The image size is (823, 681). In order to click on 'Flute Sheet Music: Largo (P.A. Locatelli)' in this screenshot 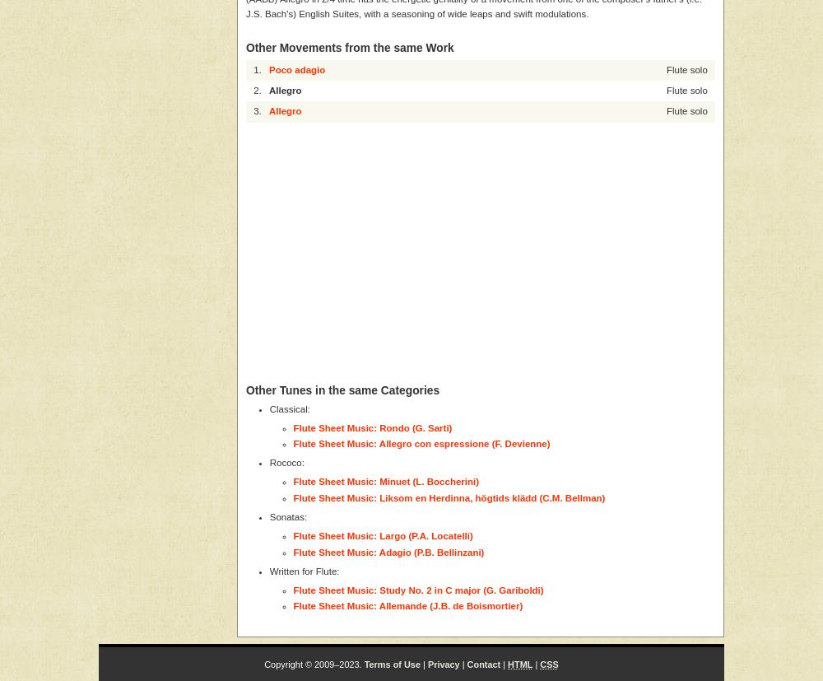, I will do `click(292, 536)`.